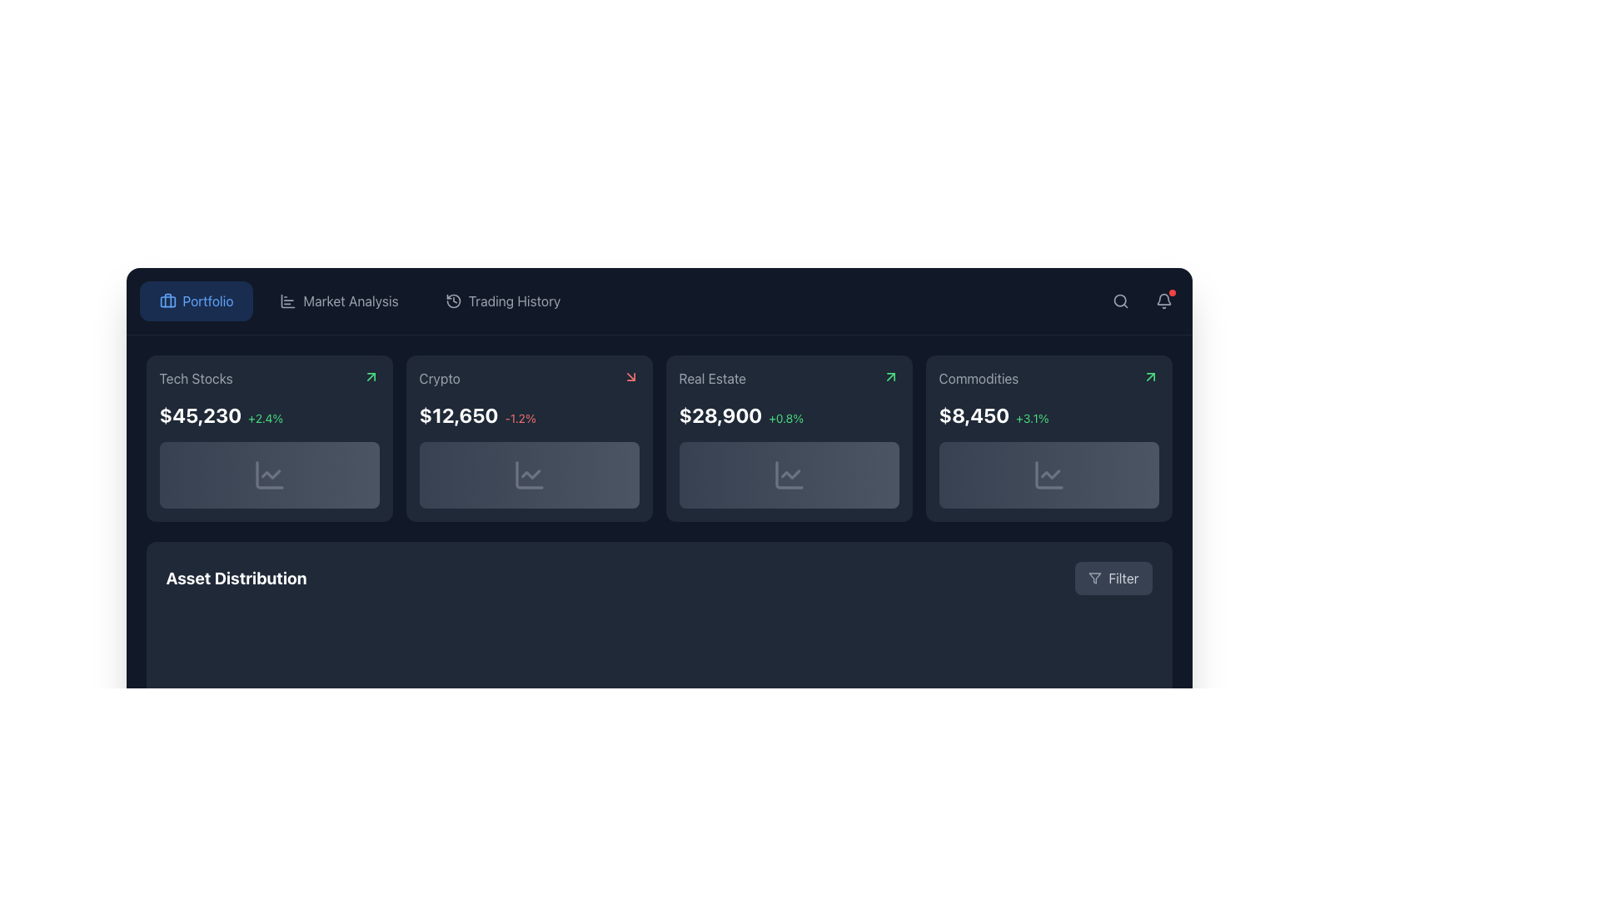  What do you see at coordinates (502, 301) in the screenshot?
I see `the 'Trading History' button in the navigation menu` at bounding box center [502, 301].